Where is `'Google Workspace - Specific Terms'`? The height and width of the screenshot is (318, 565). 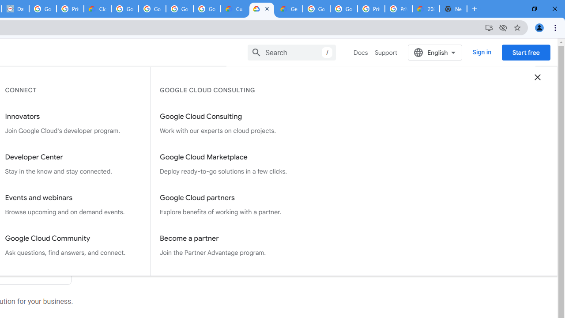
'Google Workspace - Specific Terms' is located at coordinates (179, 9).